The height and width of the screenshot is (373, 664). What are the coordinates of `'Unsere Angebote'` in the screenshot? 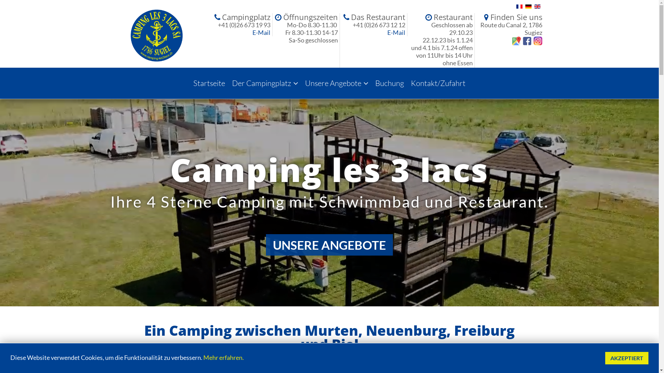 It's located at (336, 83).